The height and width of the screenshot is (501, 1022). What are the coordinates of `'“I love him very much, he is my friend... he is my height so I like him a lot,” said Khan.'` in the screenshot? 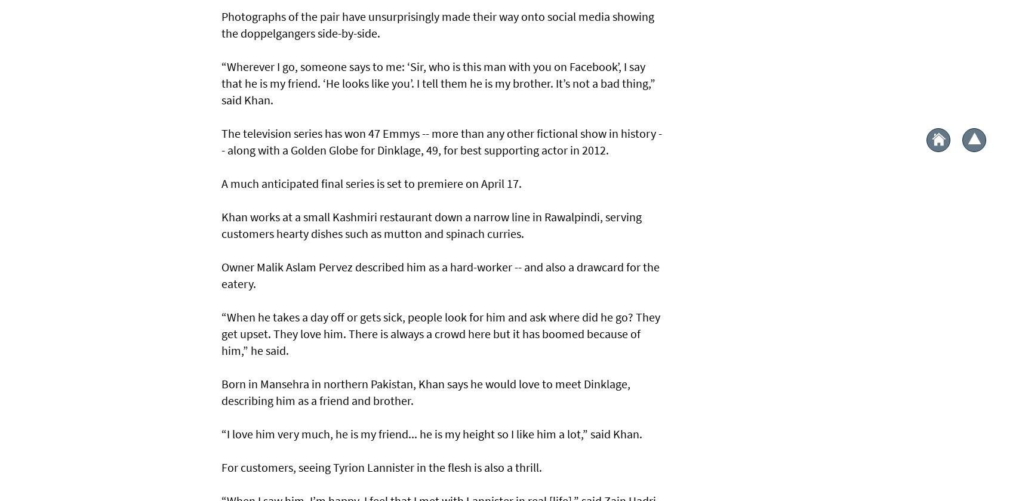 It's located at (432, 433).